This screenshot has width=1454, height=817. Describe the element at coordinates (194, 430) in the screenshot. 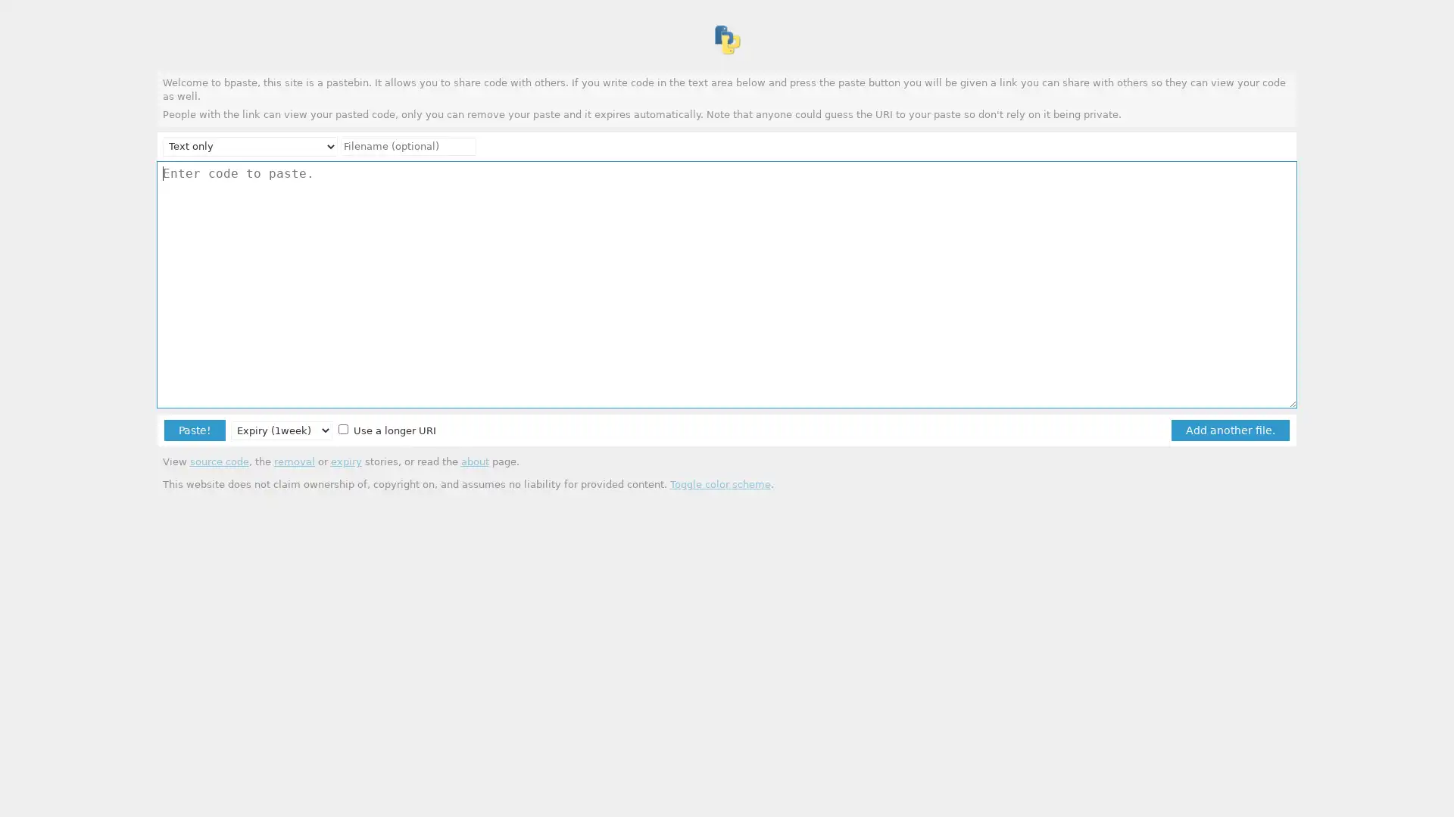

I see `Paste!` at that location.